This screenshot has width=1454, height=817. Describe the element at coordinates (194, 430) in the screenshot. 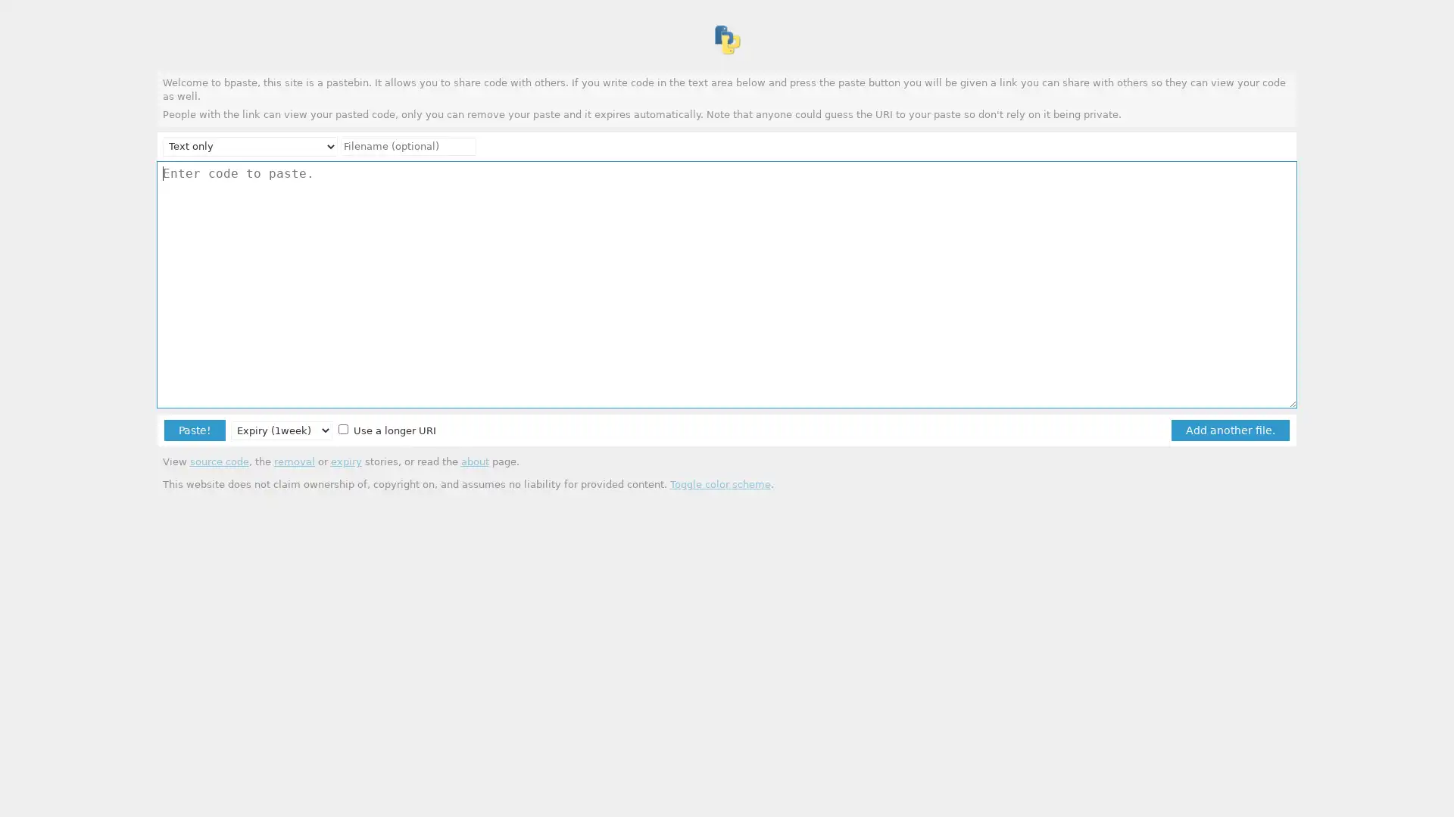

I see `Paste!` at that location.